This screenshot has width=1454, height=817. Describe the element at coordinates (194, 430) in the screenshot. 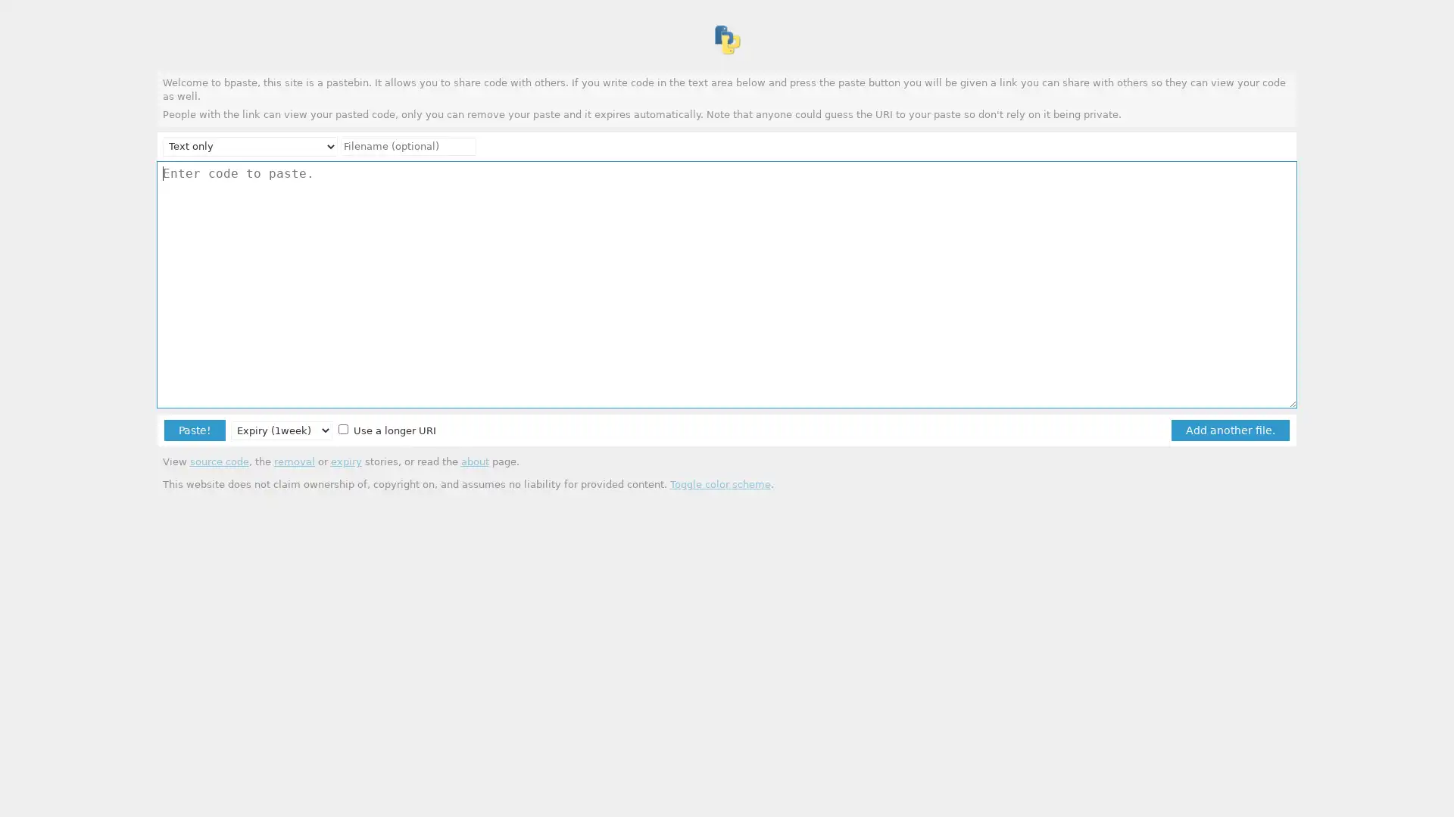

I see `Paste!` at that location.